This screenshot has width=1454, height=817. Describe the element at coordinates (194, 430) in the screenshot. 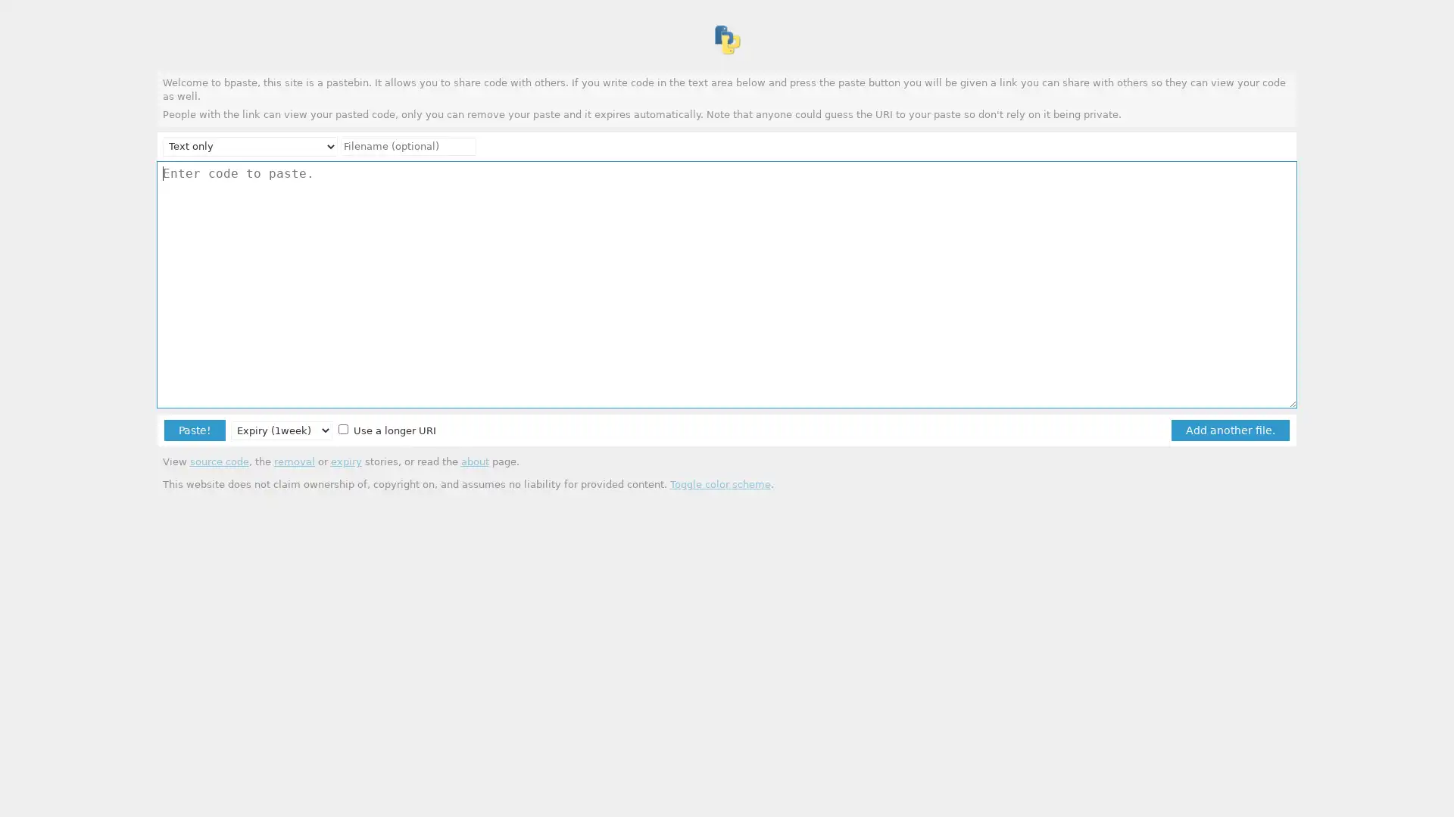

I see `Paste!` at that location.